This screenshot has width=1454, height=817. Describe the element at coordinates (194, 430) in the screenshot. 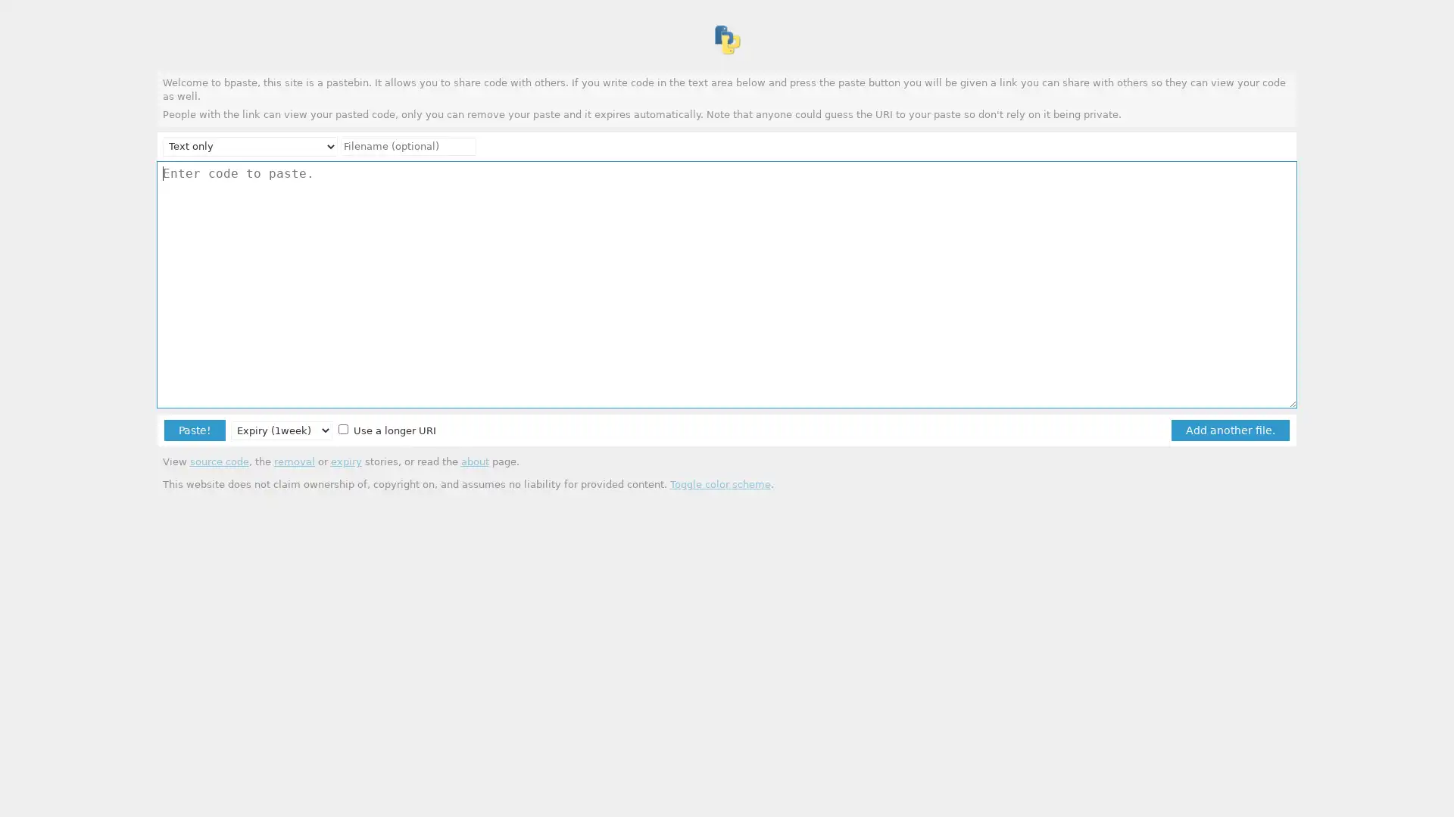

I see `Paste!` at that location.